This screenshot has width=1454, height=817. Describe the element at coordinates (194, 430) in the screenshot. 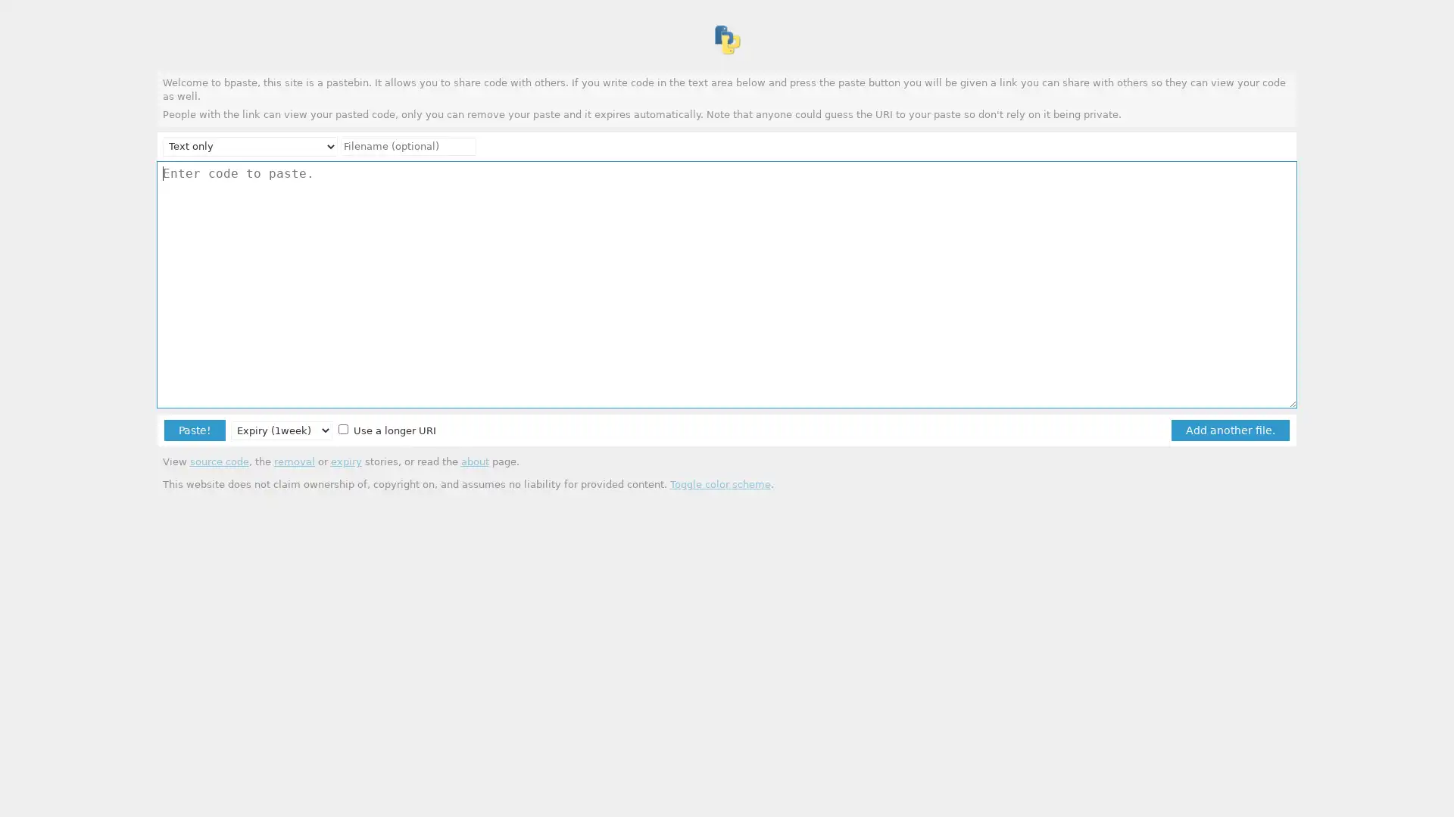

I see `Paste!` at that location.